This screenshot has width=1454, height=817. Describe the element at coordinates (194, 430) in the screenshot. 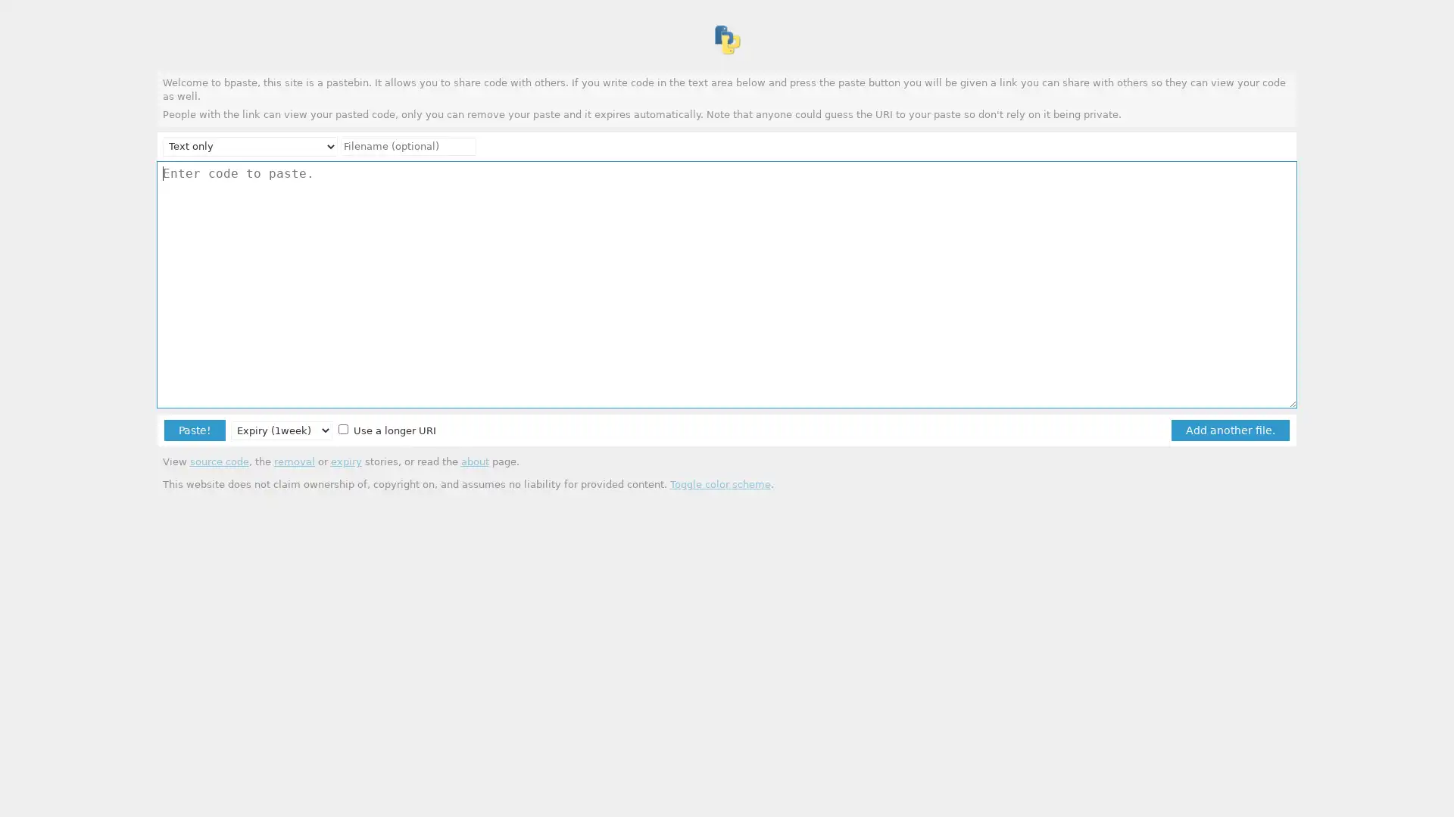

I see `Paste!` at that location.